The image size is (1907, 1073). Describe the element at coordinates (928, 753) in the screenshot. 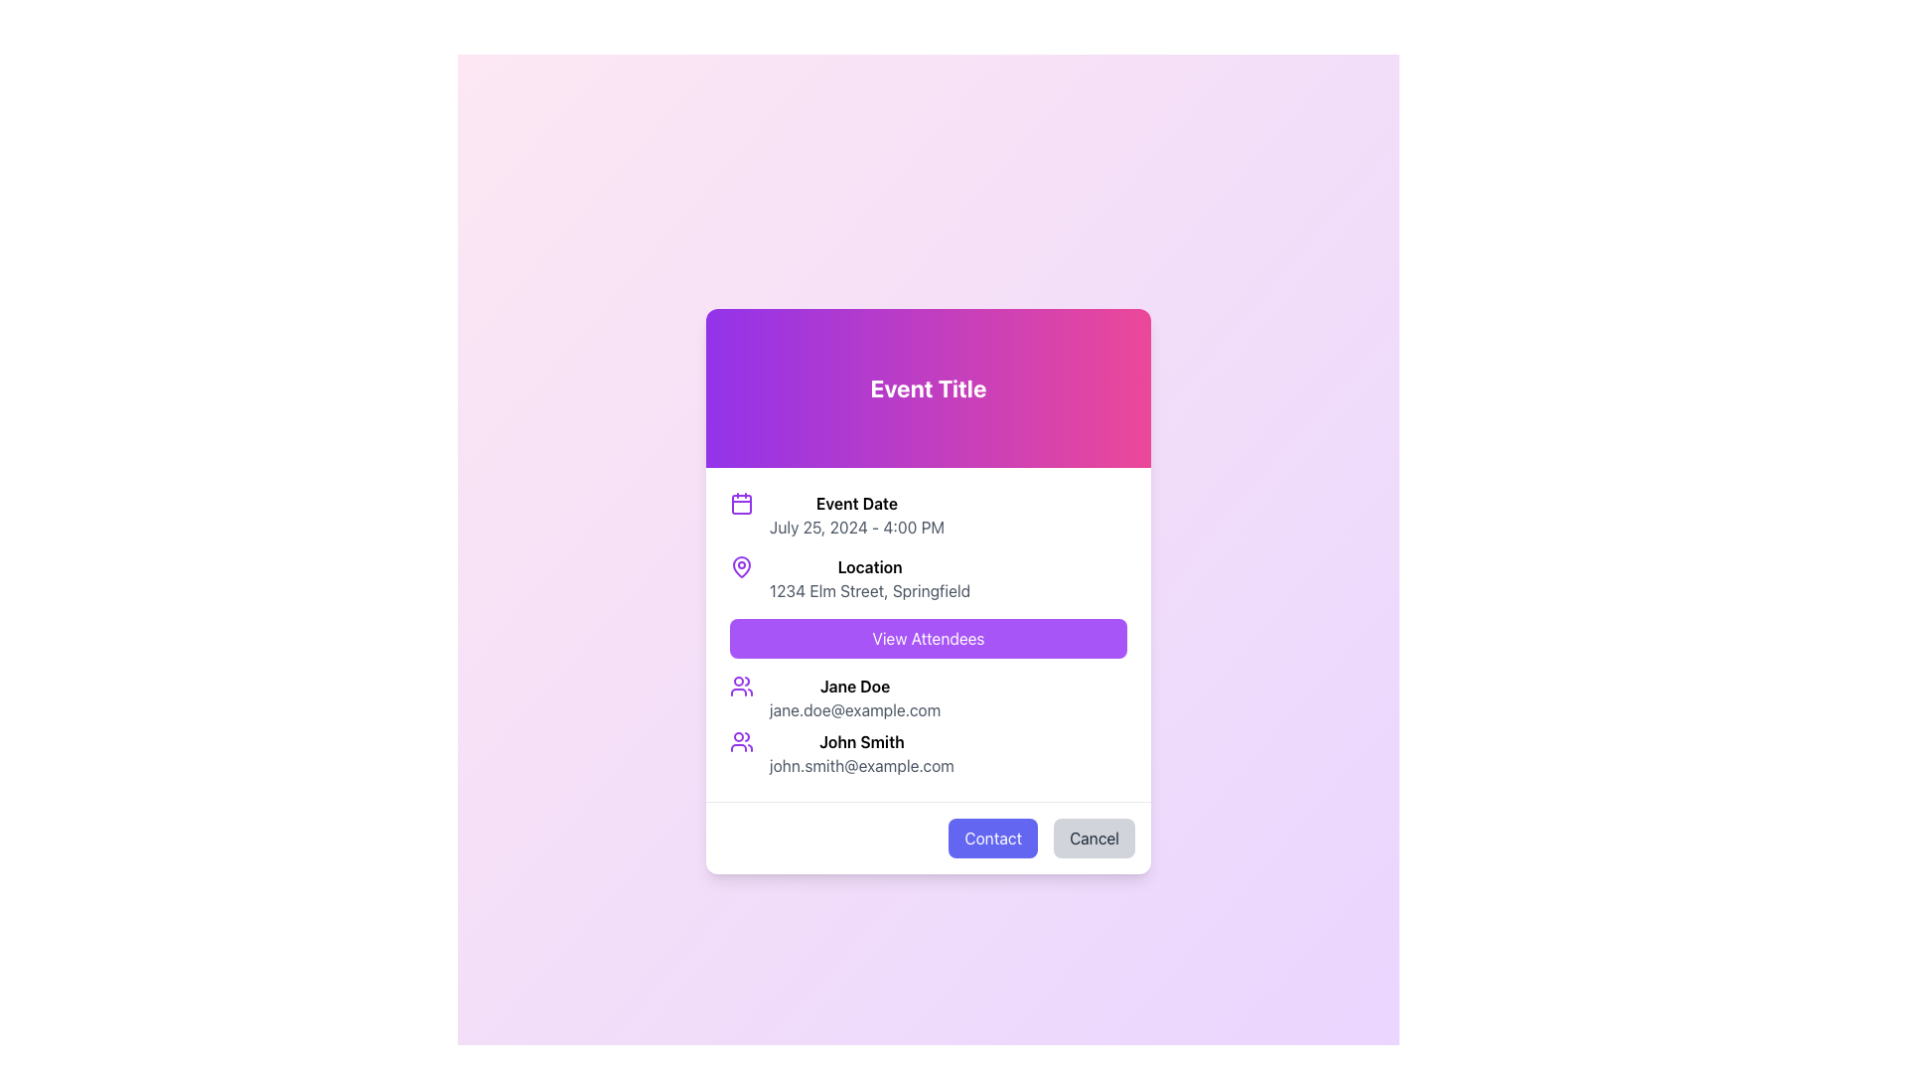

I see `the profile icon of the Information block for 'John Smith'` at that location.